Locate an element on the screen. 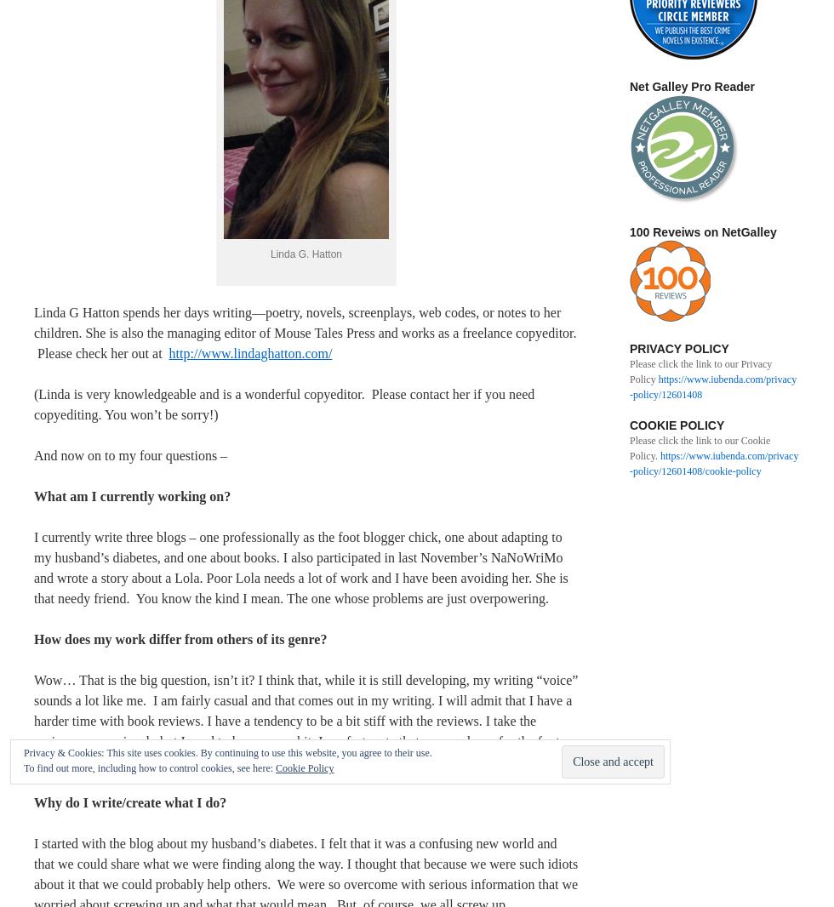  'How does my work differ from others of its genre?' is located at coordinates (182, 637).